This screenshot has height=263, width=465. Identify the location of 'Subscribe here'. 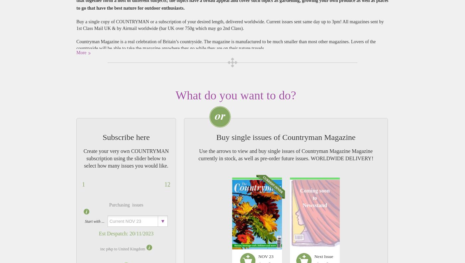
(126, 137).